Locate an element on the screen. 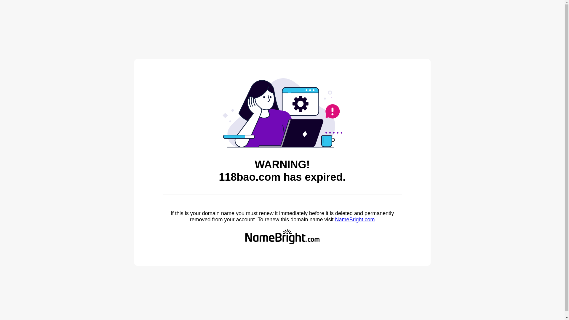  'NameBright.com' is located at coordinates (354, 219).